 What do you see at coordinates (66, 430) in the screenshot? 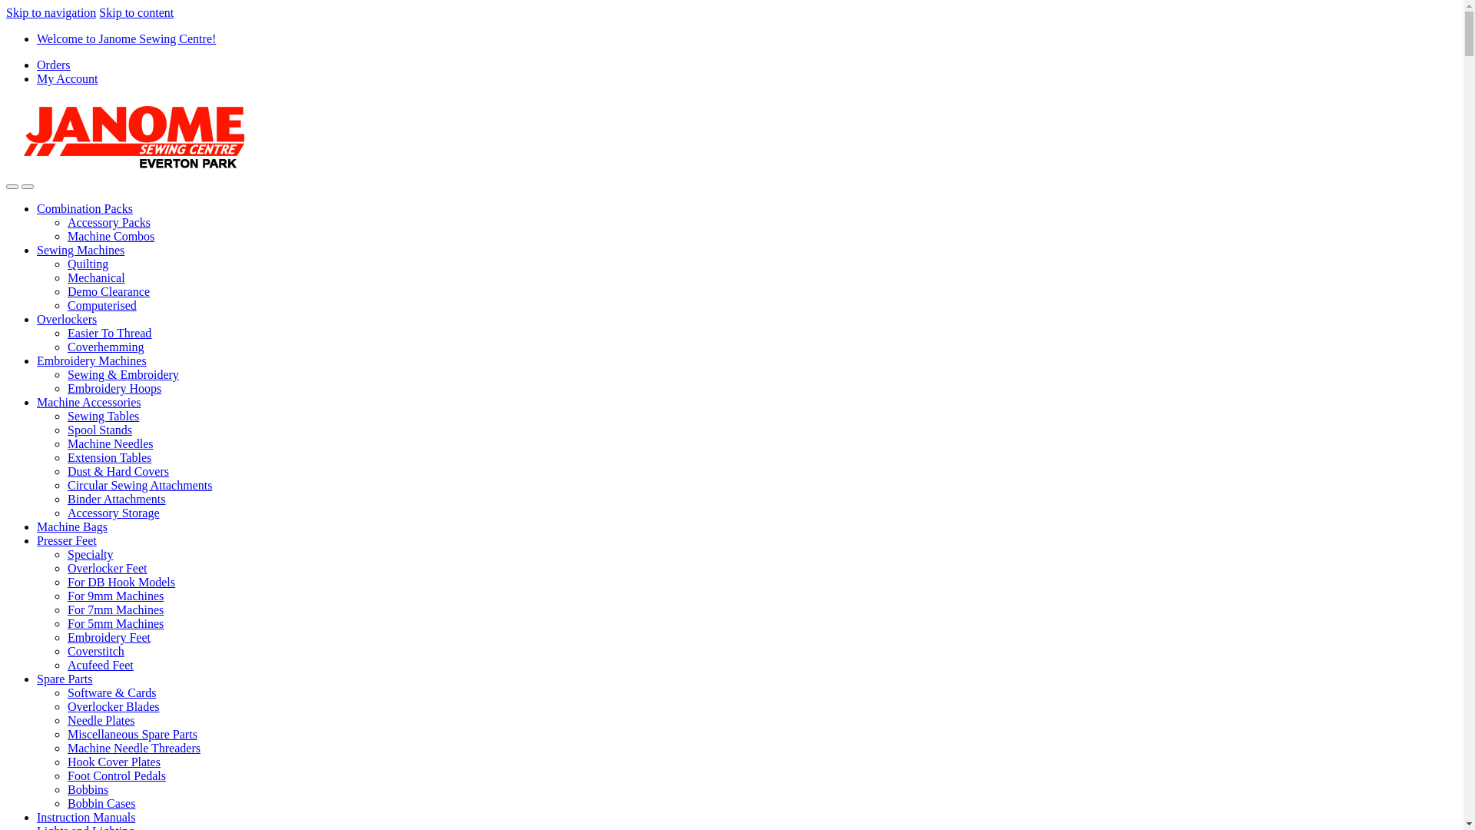
I see `'Spool Stands'` at bounding box center [66, 430].